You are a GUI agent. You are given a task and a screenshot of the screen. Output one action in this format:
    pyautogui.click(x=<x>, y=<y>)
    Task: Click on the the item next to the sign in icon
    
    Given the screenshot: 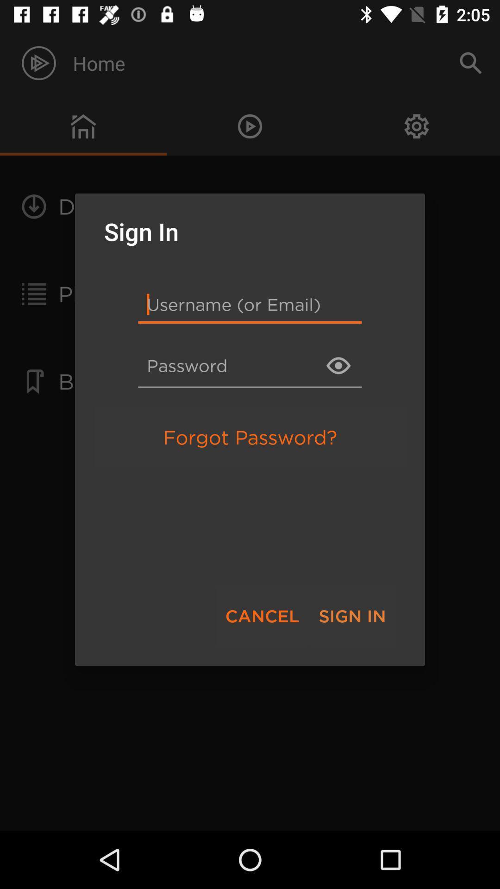 What is the action you would take?
    pyautogui.click(x=262, y=616)
    